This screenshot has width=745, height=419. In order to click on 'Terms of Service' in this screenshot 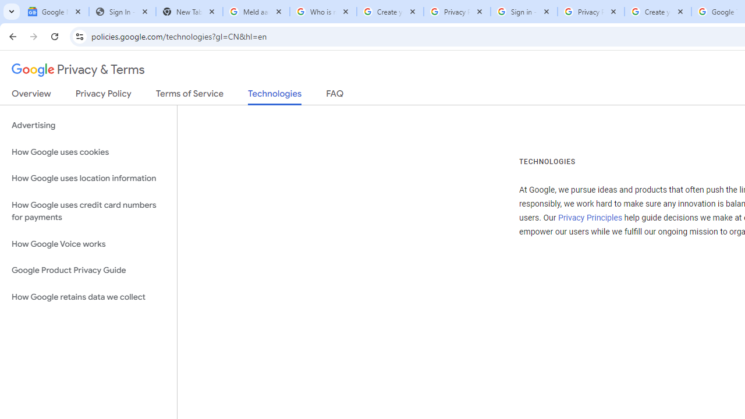, I will do `click(190, 95)`.